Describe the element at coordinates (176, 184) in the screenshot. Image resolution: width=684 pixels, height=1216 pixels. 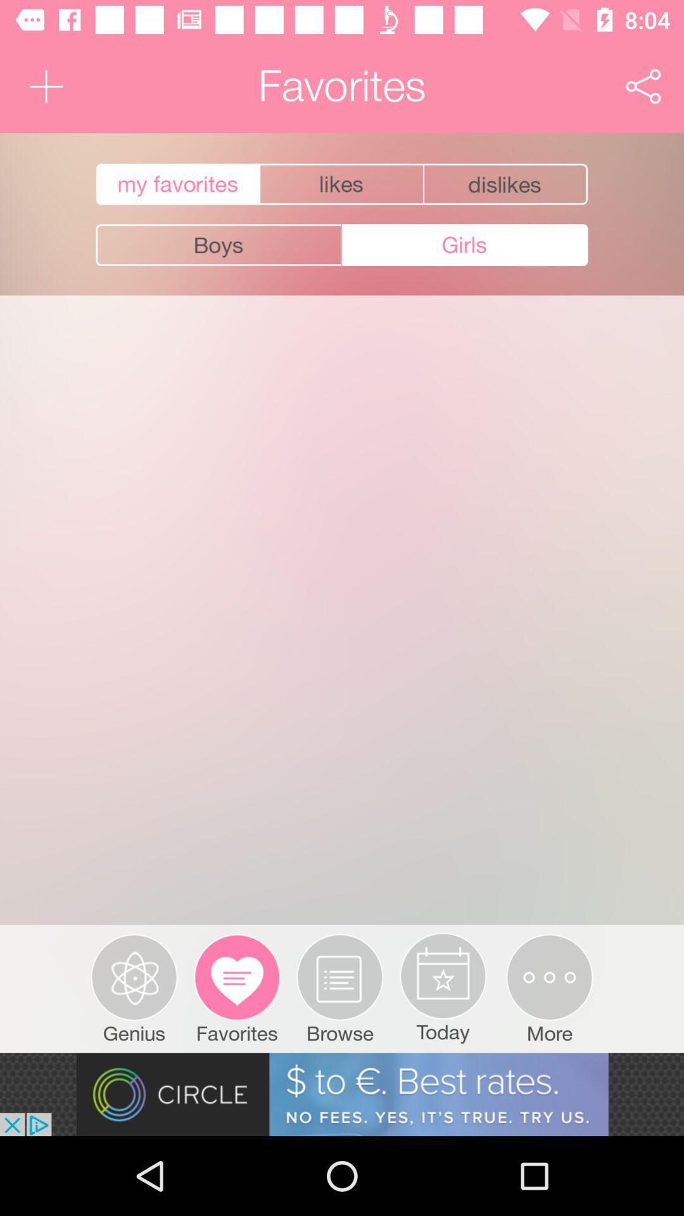
I see `my favorites` at that location.